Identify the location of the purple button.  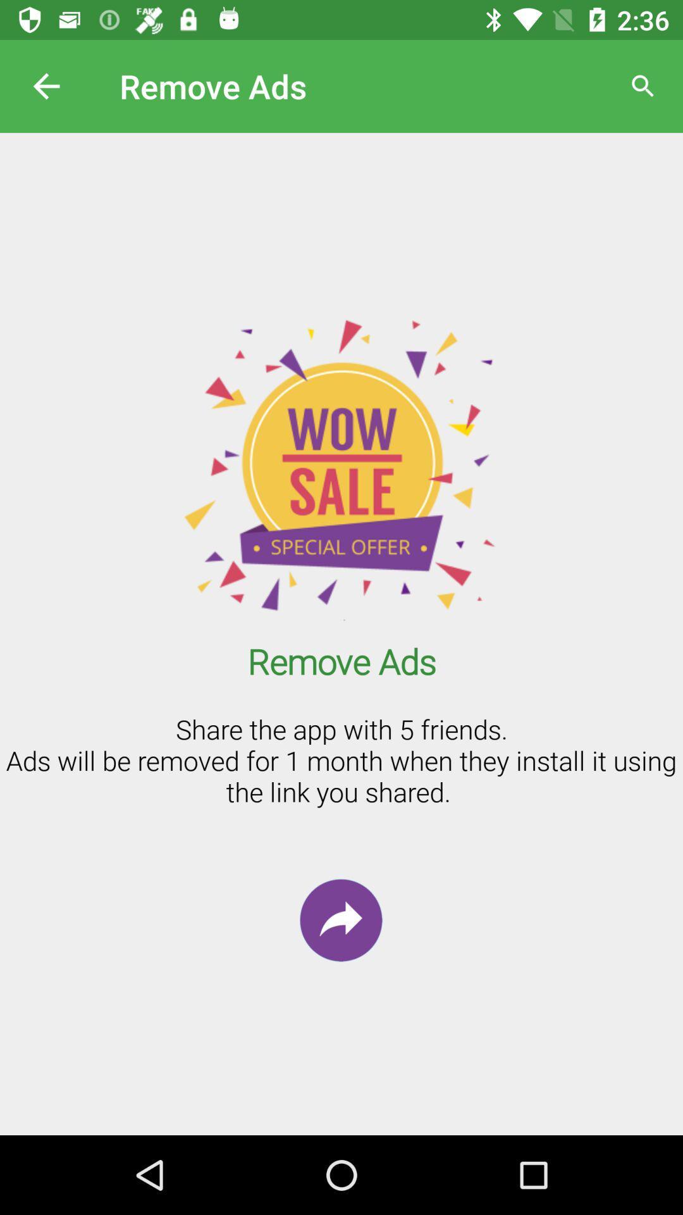
(340, 920).